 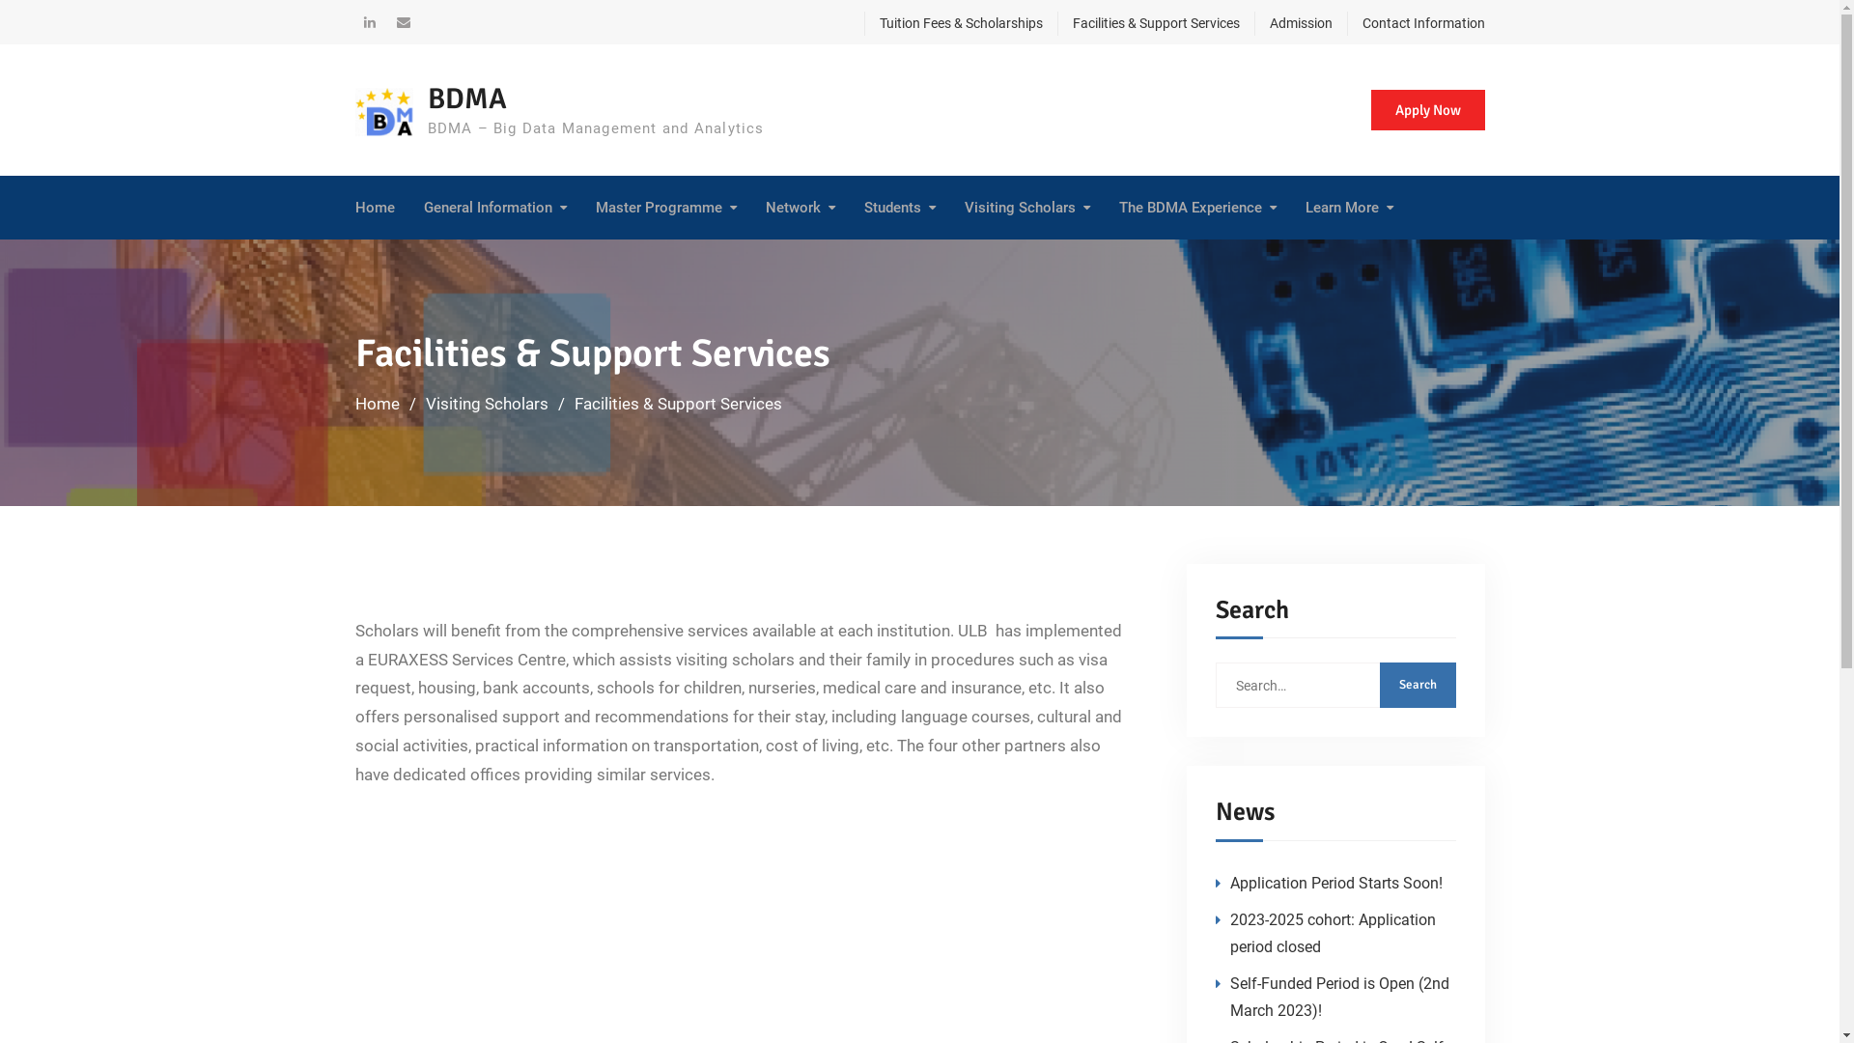 I want to click on 'LinkedIn', so click(x=370, y=22).